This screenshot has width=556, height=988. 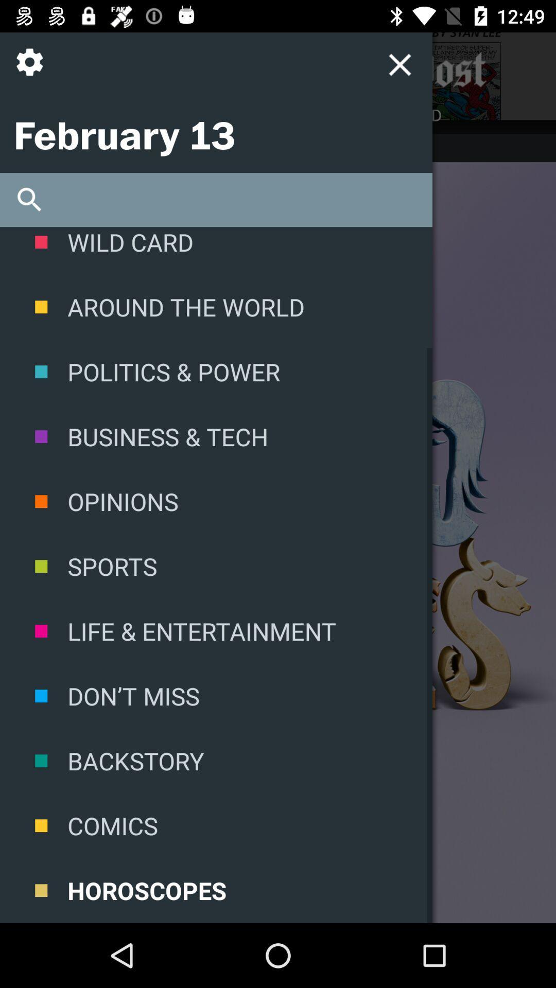 I want to click on exit options menu, so click(x=399, y=64).